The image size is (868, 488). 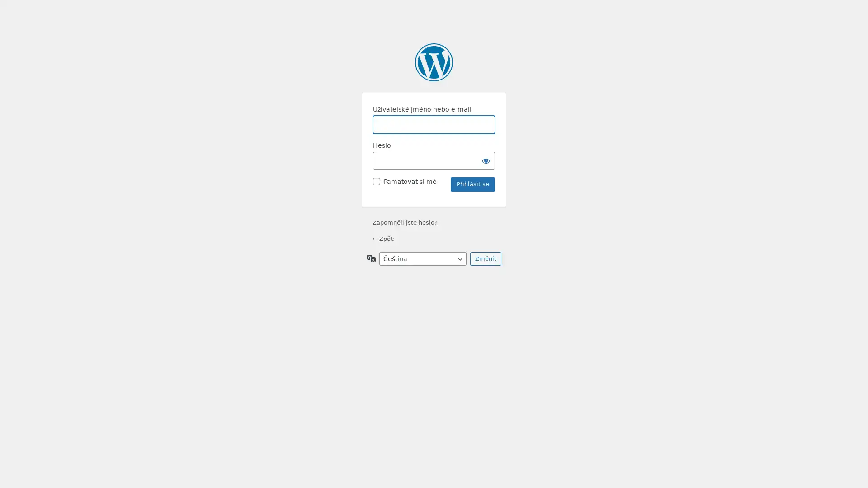 What do you see at coordinates (486, 160) in the screenshot?
I see `Zobrazit heslo` at bounding box center [486, 160].